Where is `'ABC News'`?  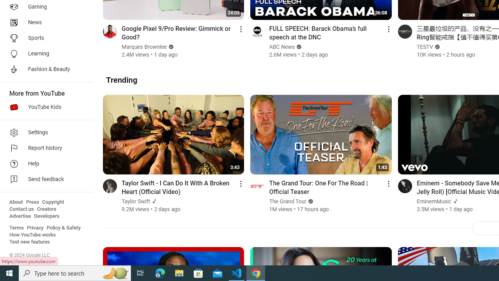 'ABC News' is located at coordinates (281, 47).